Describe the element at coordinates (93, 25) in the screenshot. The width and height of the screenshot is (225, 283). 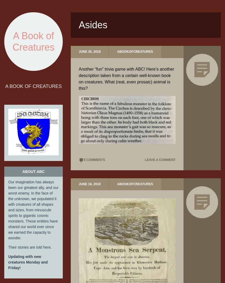
I see `'Asides'` at that location.